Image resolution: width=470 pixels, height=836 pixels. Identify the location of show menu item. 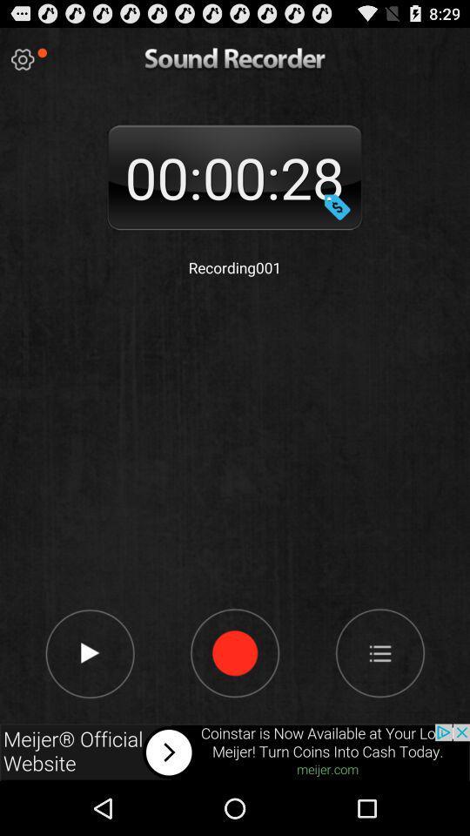
(379, 651).